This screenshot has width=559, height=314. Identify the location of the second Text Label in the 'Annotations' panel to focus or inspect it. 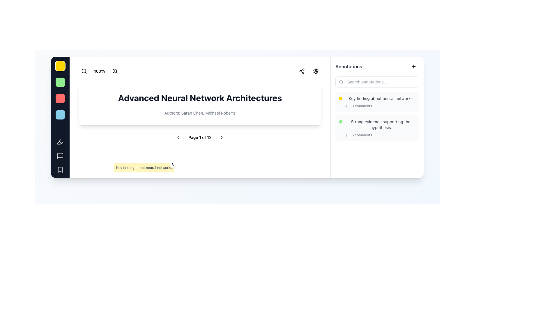
(381, 124).